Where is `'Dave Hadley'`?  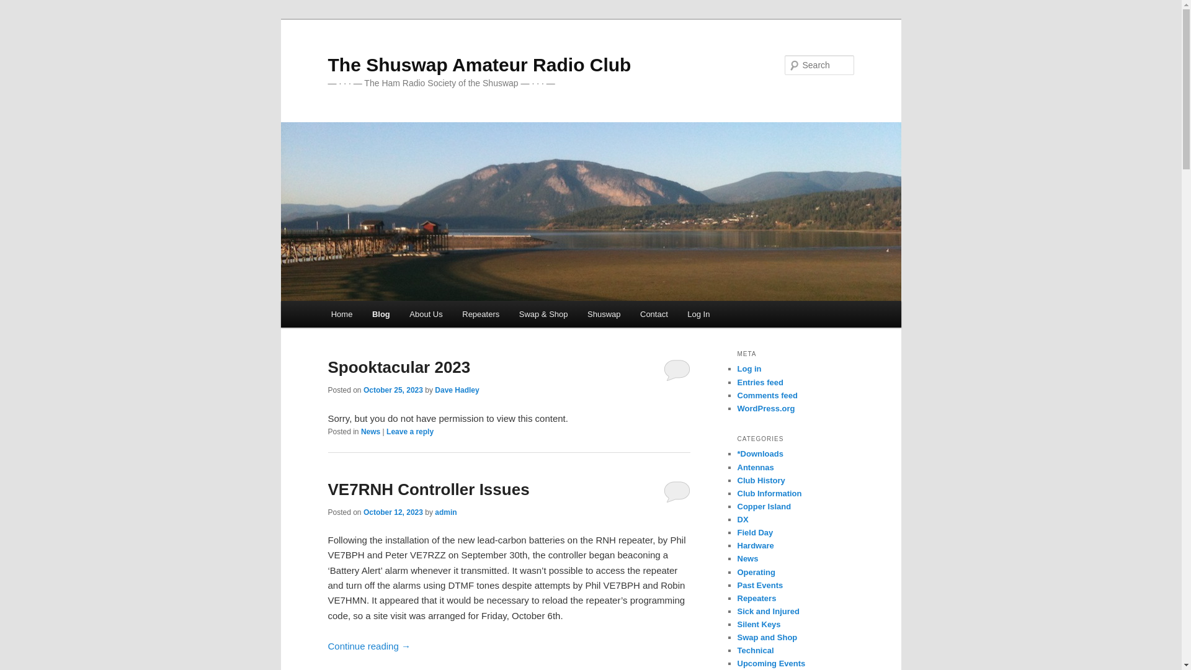
'Dave Hadley' is located at coordinates (456, 389).